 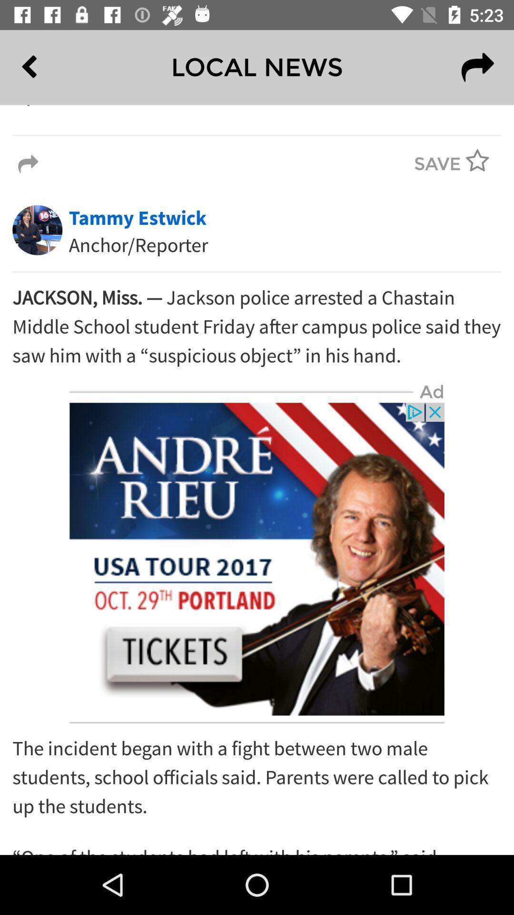 I want to click on image link to advertisement, so click(x=257, y=559).